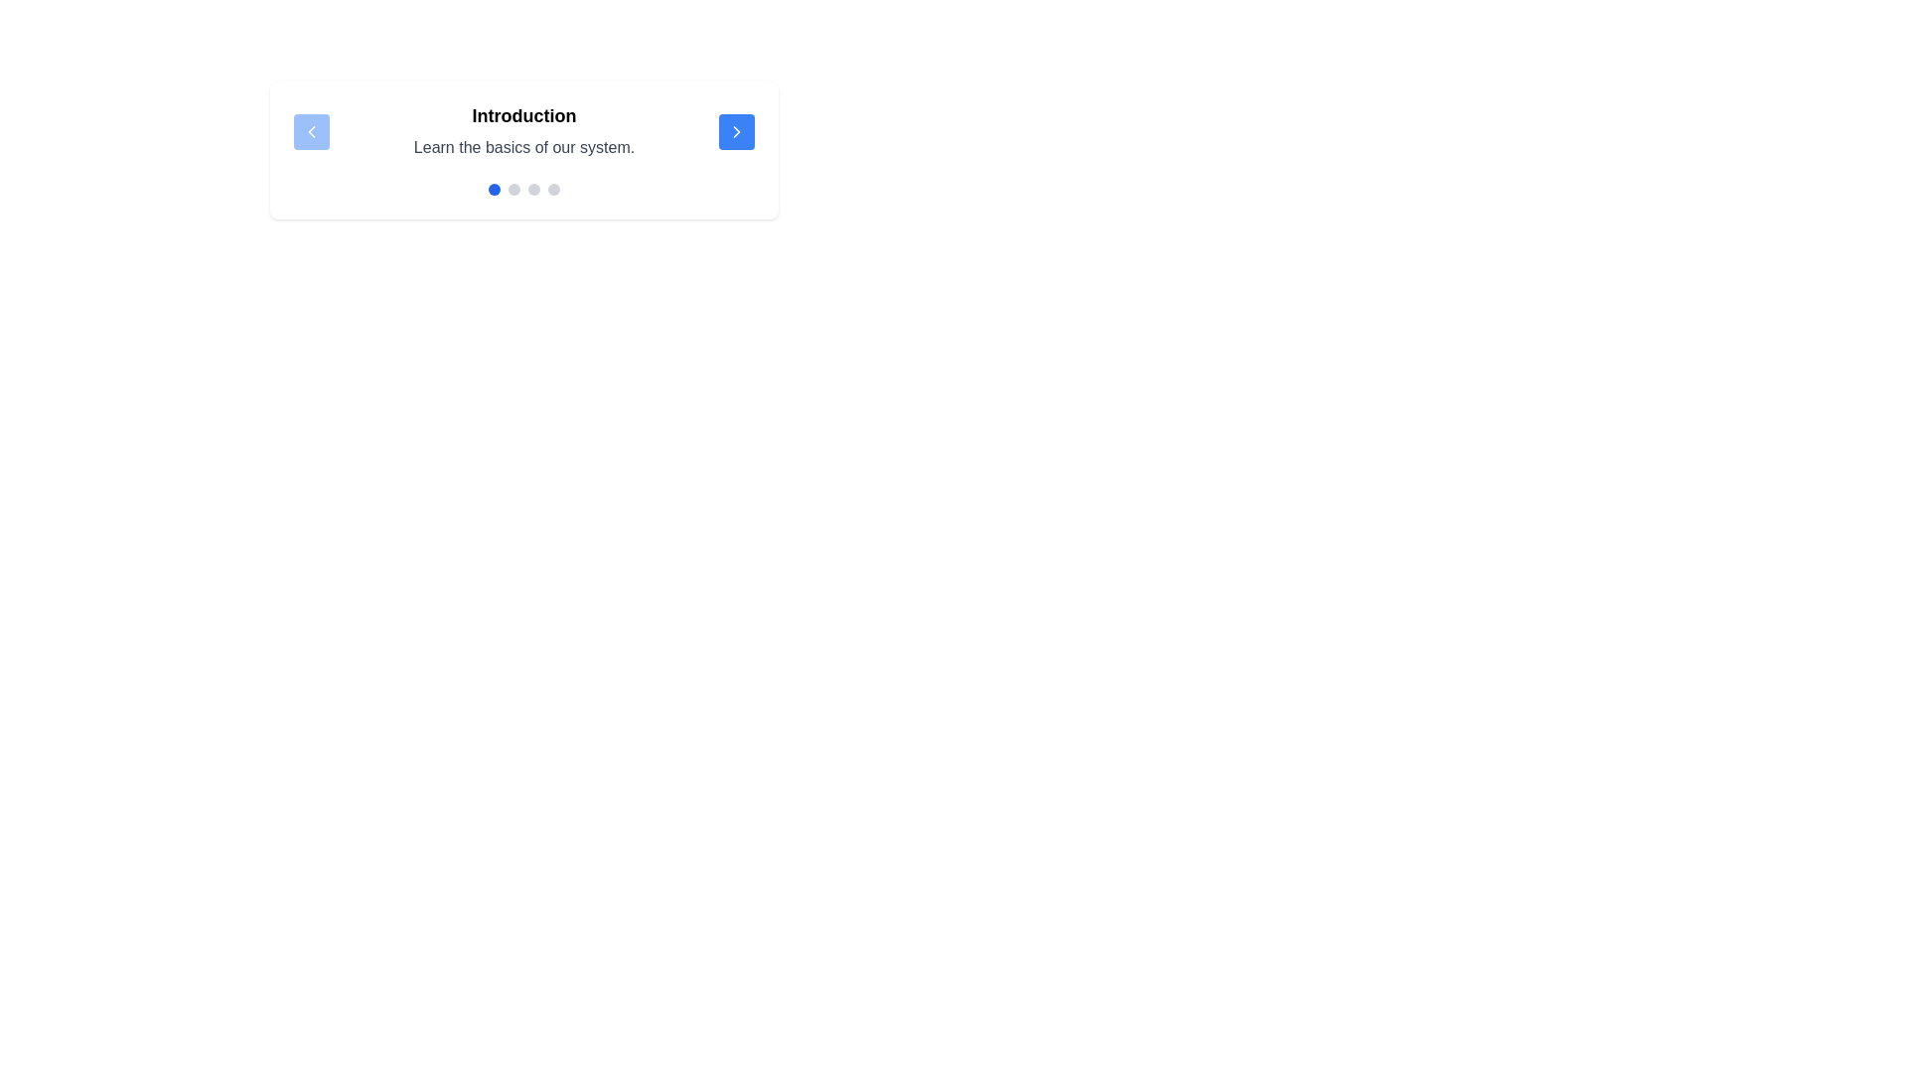  I want to click on the chevron icon located in the top-right corner of the white rectangular section containing text and a pagination indicator, so click(736, 131).